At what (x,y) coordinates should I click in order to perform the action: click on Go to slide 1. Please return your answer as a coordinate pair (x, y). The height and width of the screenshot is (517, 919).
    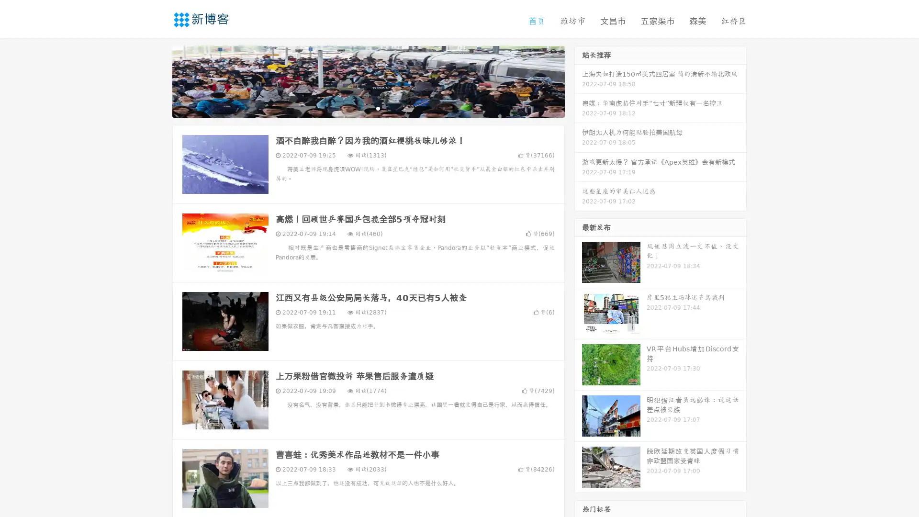
    Looking at the image, I should click on (358, 108).